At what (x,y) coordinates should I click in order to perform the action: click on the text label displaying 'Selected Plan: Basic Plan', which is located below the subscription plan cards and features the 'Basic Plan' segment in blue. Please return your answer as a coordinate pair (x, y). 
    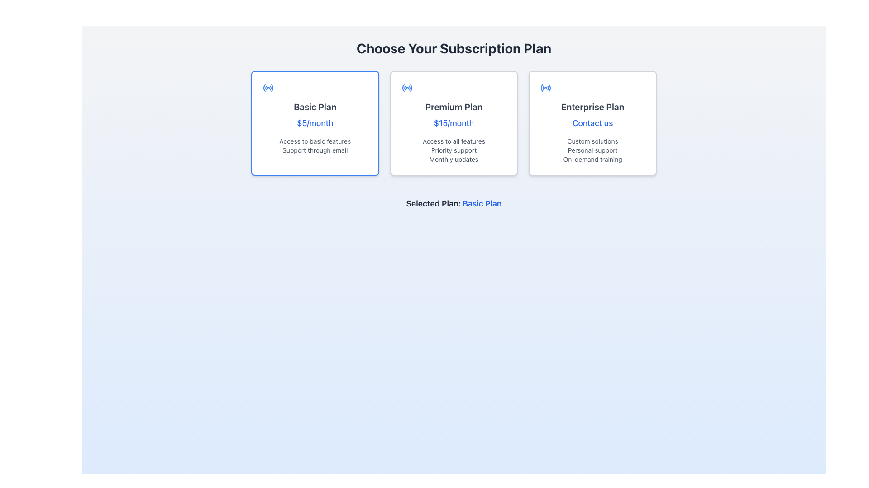
    Looking at the image, I should click on (454, 204).